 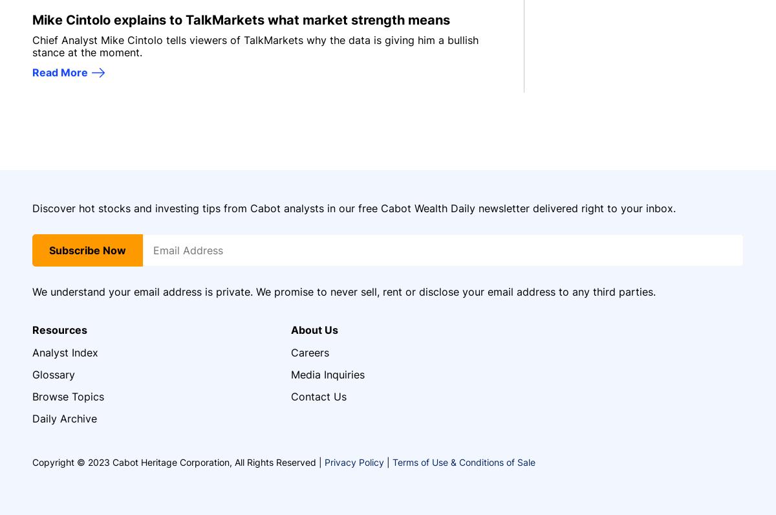 What do you see at coordinates (54, 373) in the screenshot?
I see `'Glossary'` at bounding box center [54, 373].